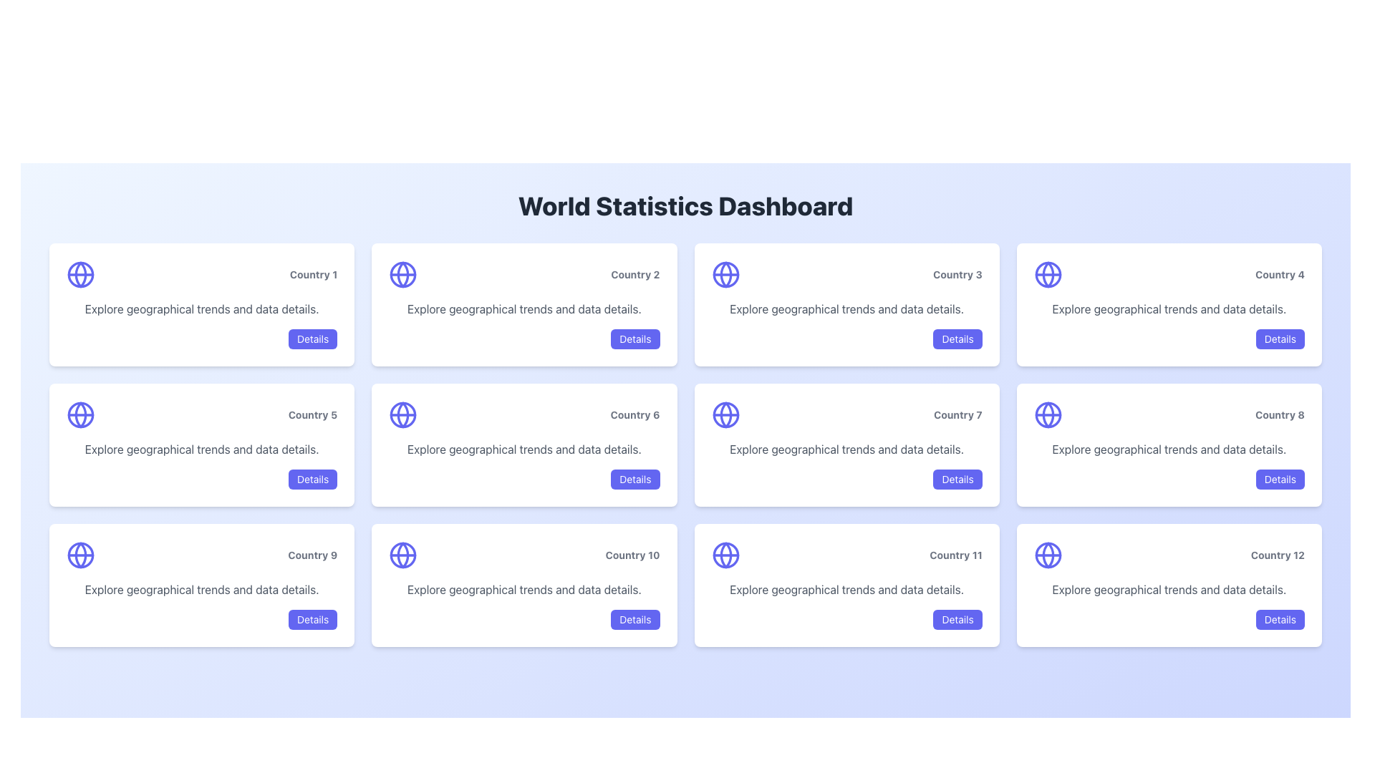 The image size is (1375, 773). I want to click on the central circular part of the globe icon located in the card labeled 'Country 4' in the second row and fourth column of a grid layout, so click(1048, 275).